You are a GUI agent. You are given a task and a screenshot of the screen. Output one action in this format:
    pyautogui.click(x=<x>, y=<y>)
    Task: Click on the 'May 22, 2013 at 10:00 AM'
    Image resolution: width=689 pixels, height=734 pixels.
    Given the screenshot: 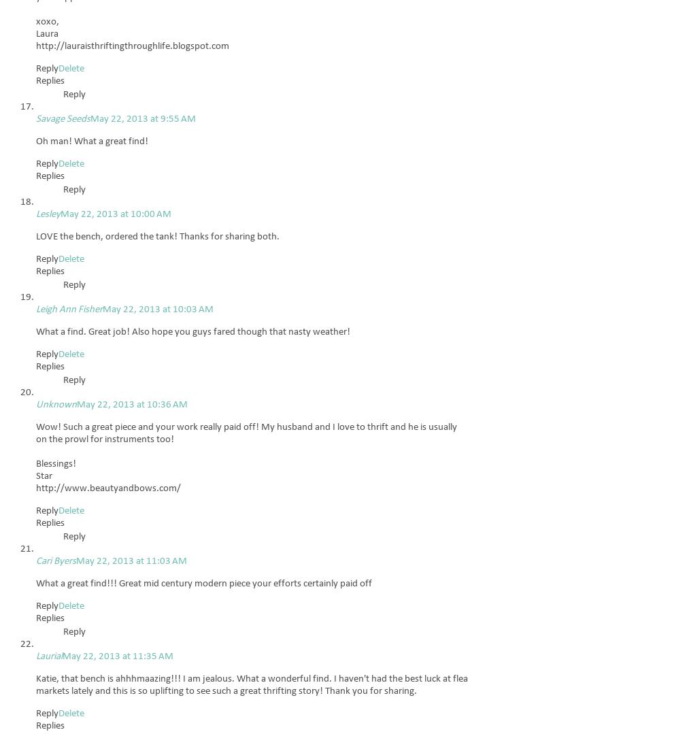 What is the action you would take?
    pyautogui.click(x=116, y=214)
    